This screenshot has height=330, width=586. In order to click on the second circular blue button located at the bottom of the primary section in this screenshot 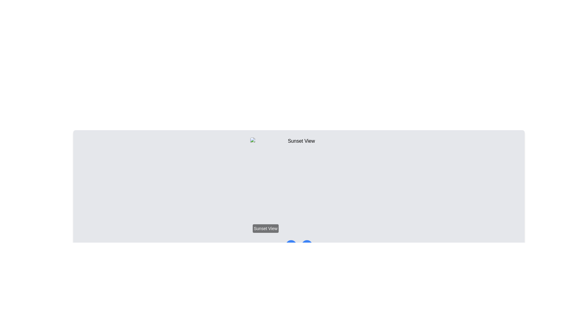, I will do `click(307, 245)`.